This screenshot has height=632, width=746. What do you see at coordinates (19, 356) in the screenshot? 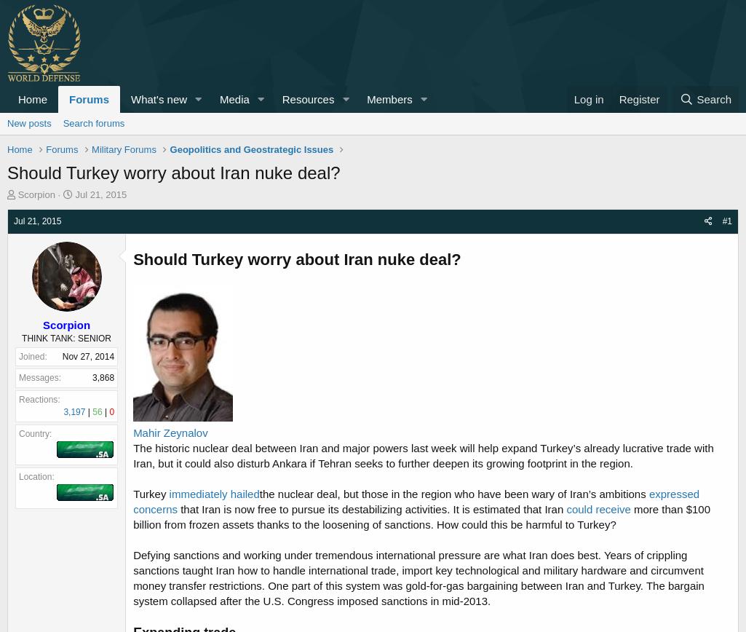
I see `'Joined'` at bounding box center [19, 356].